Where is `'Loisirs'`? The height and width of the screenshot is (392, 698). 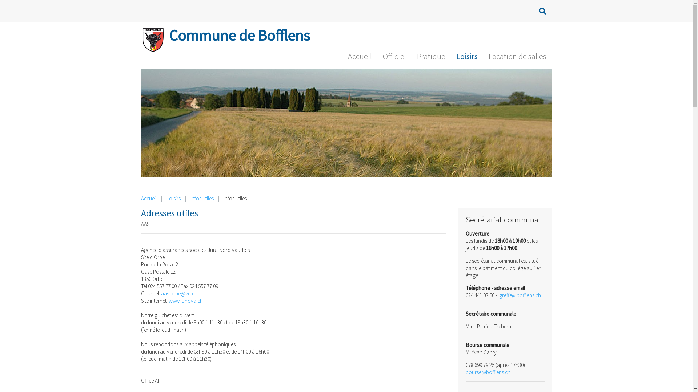 'Loisirs' is located at coordinates (173, 199).